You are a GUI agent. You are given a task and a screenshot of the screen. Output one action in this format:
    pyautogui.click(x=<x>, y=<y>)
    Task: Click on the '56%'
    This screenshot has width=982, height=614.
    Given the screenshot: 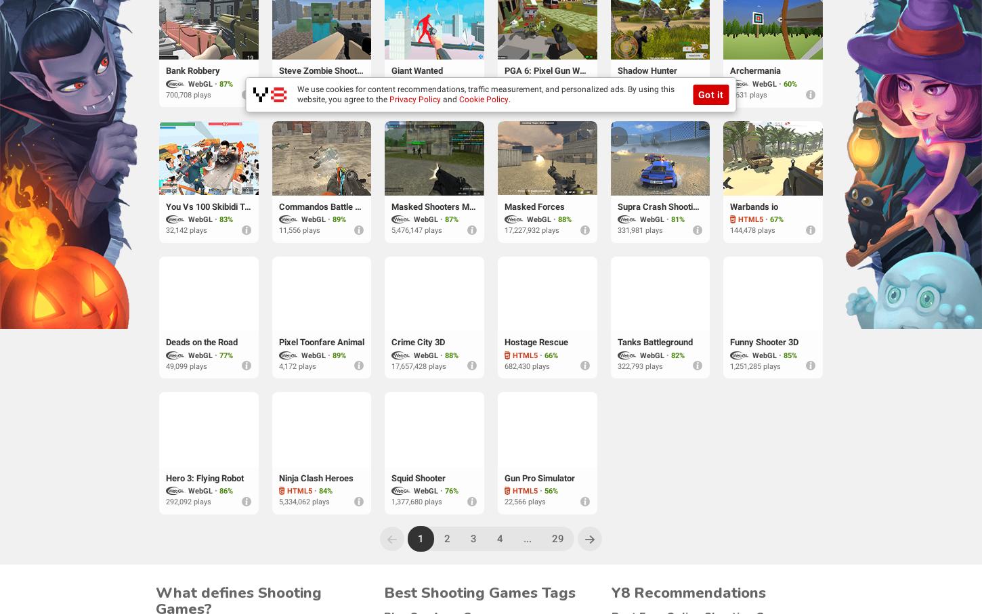 What is the action you would take?
    pyautogui.click(x=551, y=490)
    